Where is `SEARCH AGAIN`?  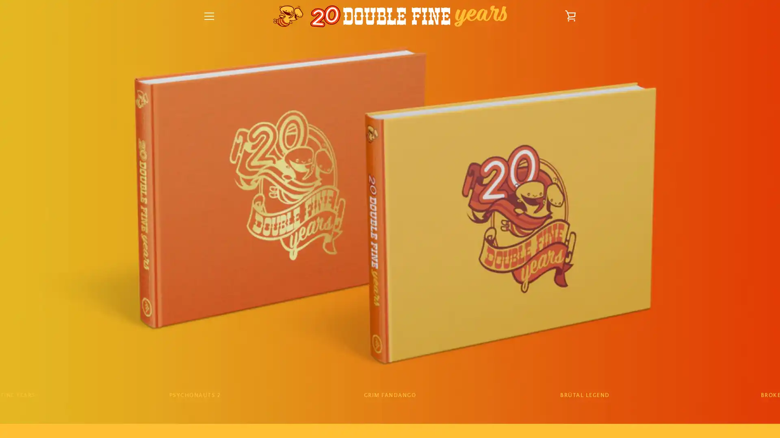
SEARCH AGAIN is located at coordinates (428, 320).